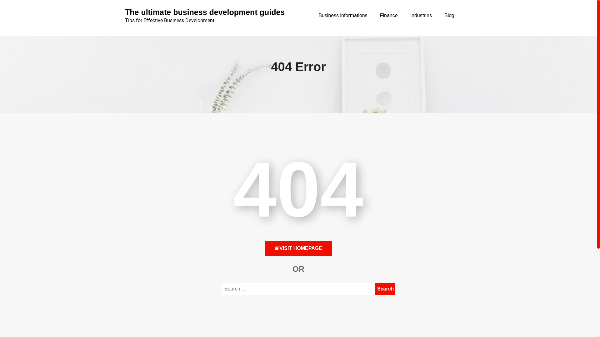  What do you see at coordinates (342, 15) in the screenshot?
I see `'Business informations'` at bounding box center [342, 15].